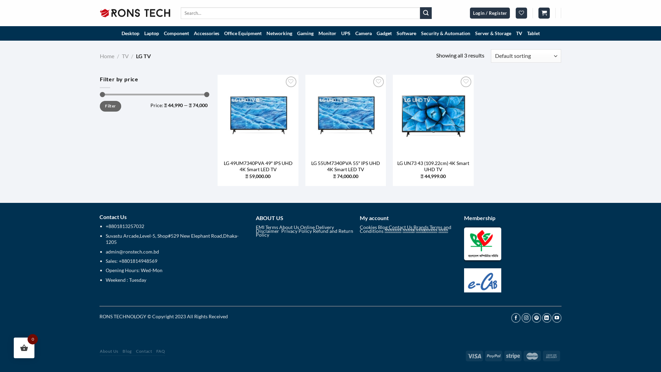  I want to click on 'Cart', so click(544, 13).